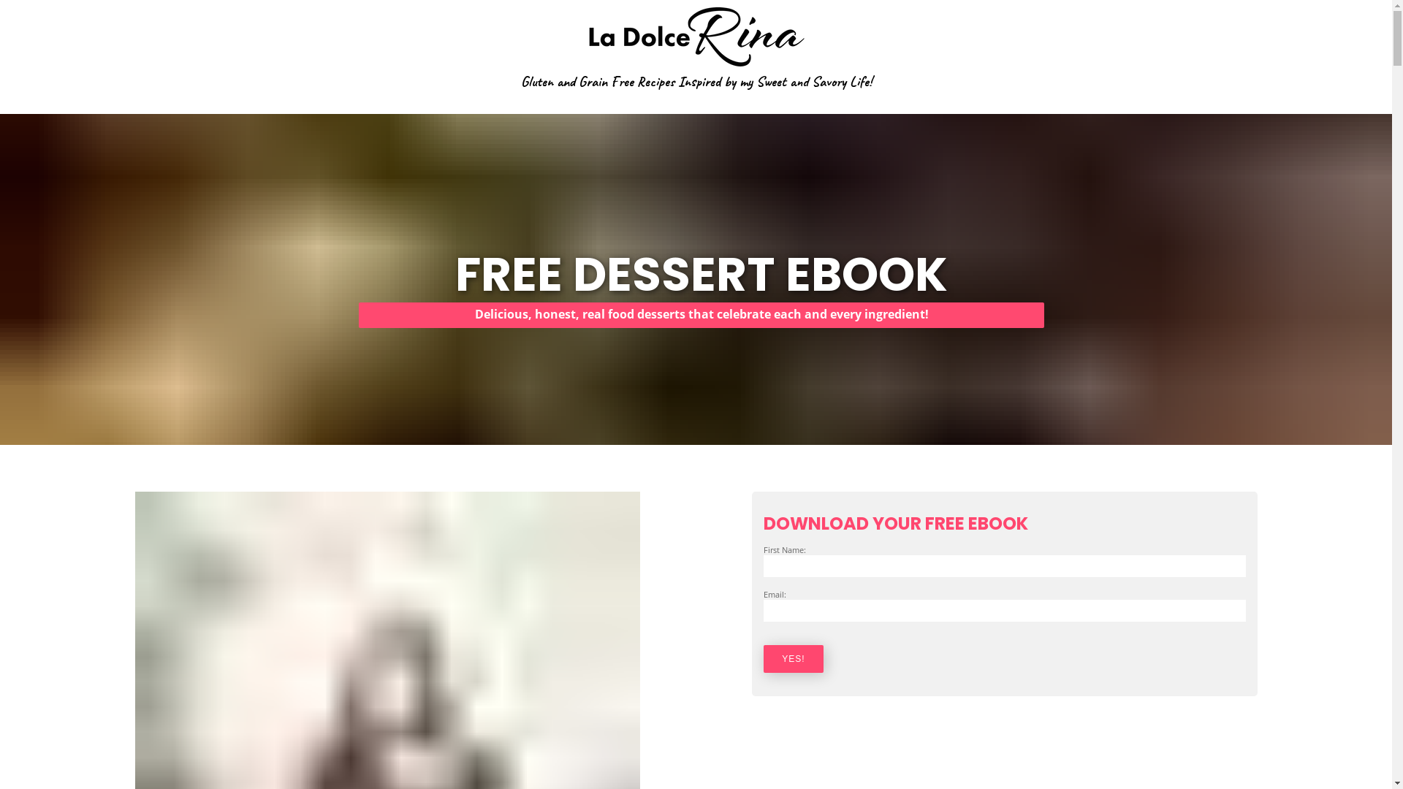  What do you see at coordinates (763, 659) in the screenshot?
I see `'YES!'` at bounding box center [763, 659].